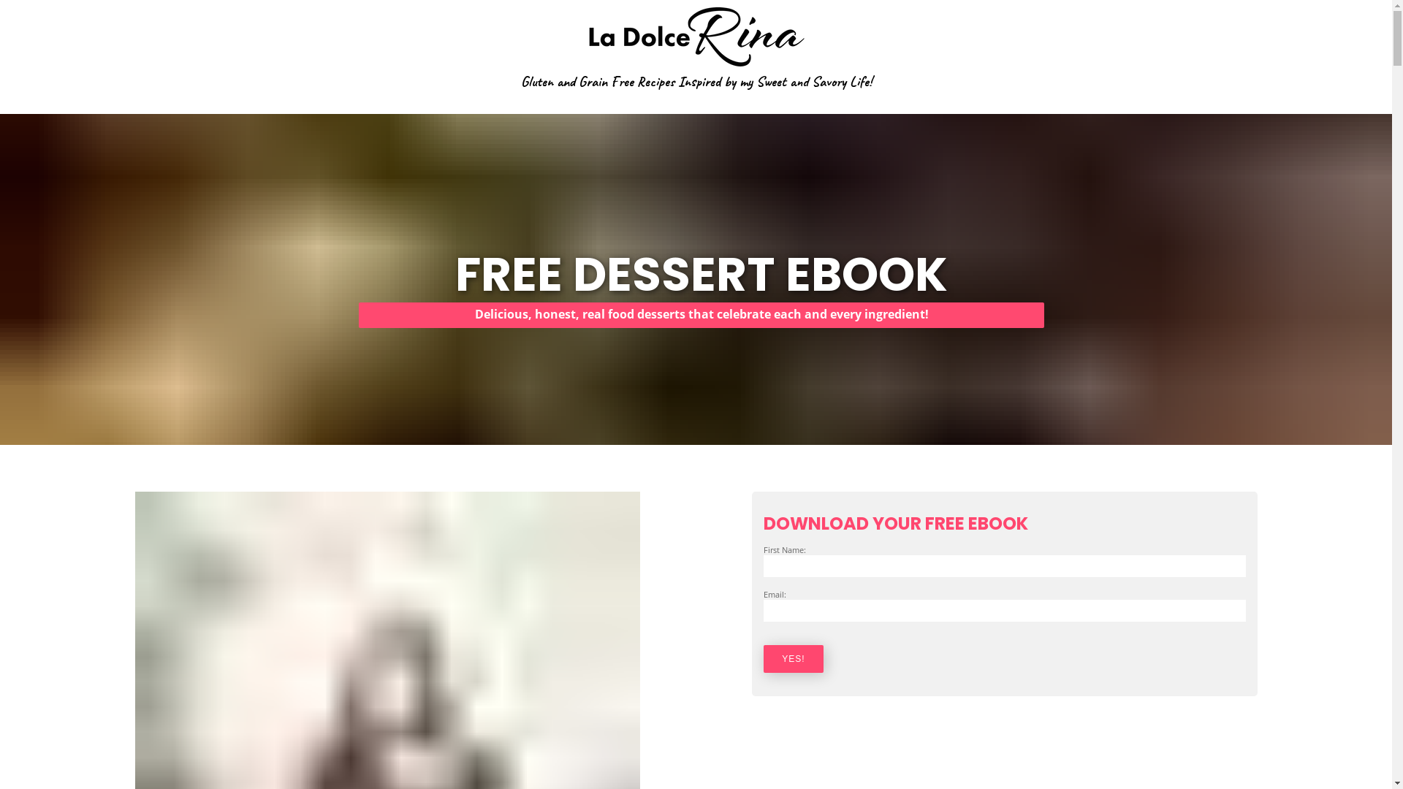  What do you see at coordinates (763, 659) in the screenshot?
I see `'YES!'` at bounding box center [763, 659].